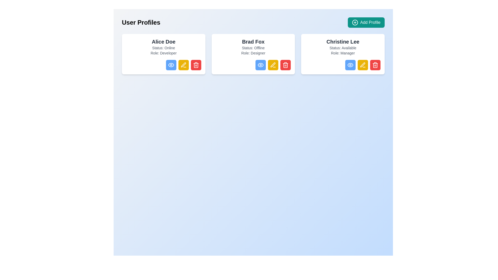 This screenshot has width=498, height=280. What do you see at coordinates (350, 65) in the screenshot?
I see `the first button in the horizontal set of three buttons at the bottom-right corner of the card for 'Christine Lee'` at bounding box center [350, 65].